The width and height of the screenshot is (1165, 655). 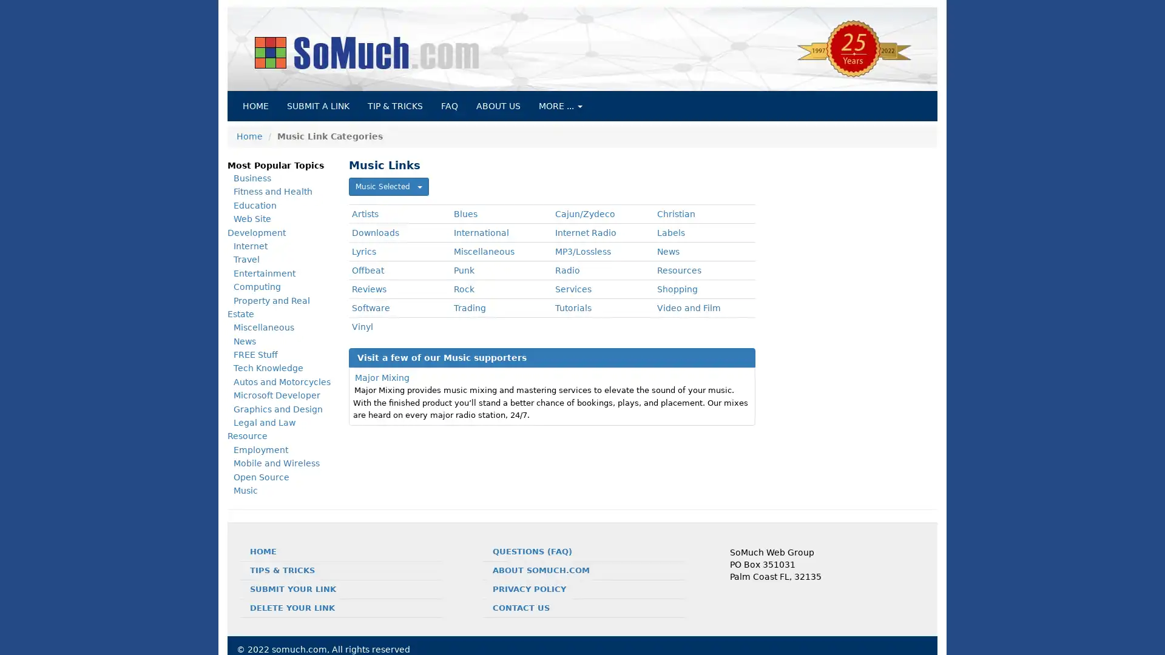 What do you see at coordinates (389, 187) in the screenshot?
I see `Music Selected` at bounding box center [389, 187].